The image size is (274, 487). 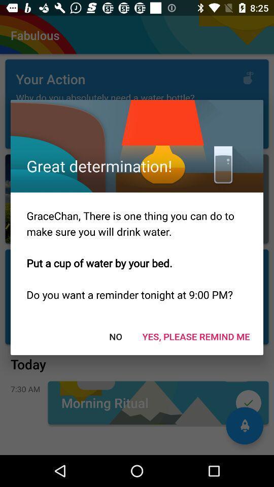 I want to click on the no at the bottom, so click(x=115, y=336).